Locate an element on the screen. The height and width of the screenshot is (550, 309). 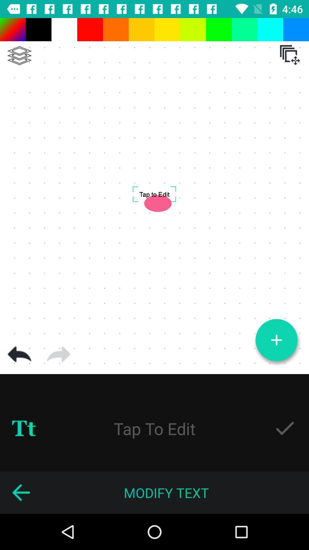
the right corner plus icon at bottom is located at coordinates (276, 340).